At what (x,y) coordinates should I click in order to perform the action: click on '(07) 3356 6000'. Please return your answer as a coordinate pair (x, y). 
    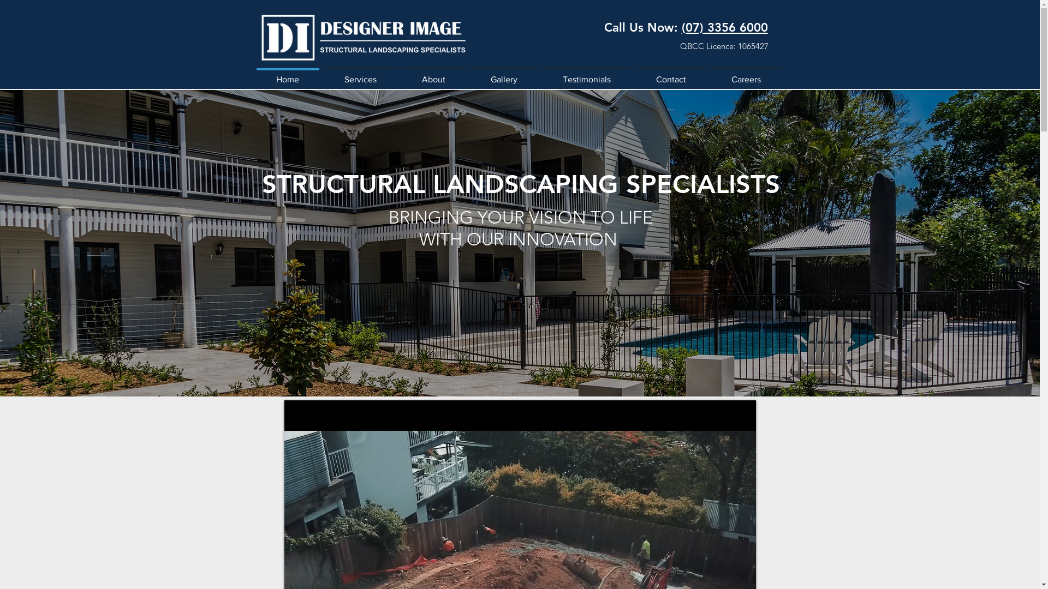
    Looking at the image, I should click on (724, 27).